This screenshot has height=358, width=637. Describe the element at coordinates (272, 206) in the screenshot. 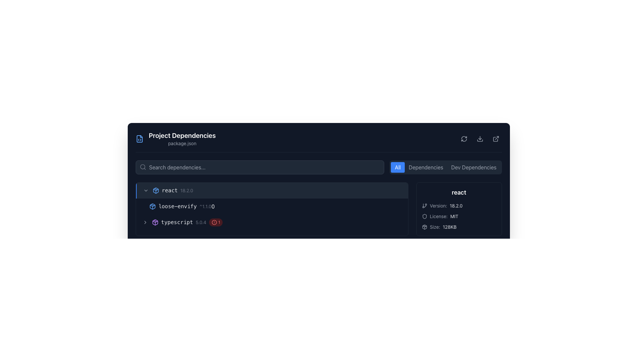

I see `the second item` at that location.